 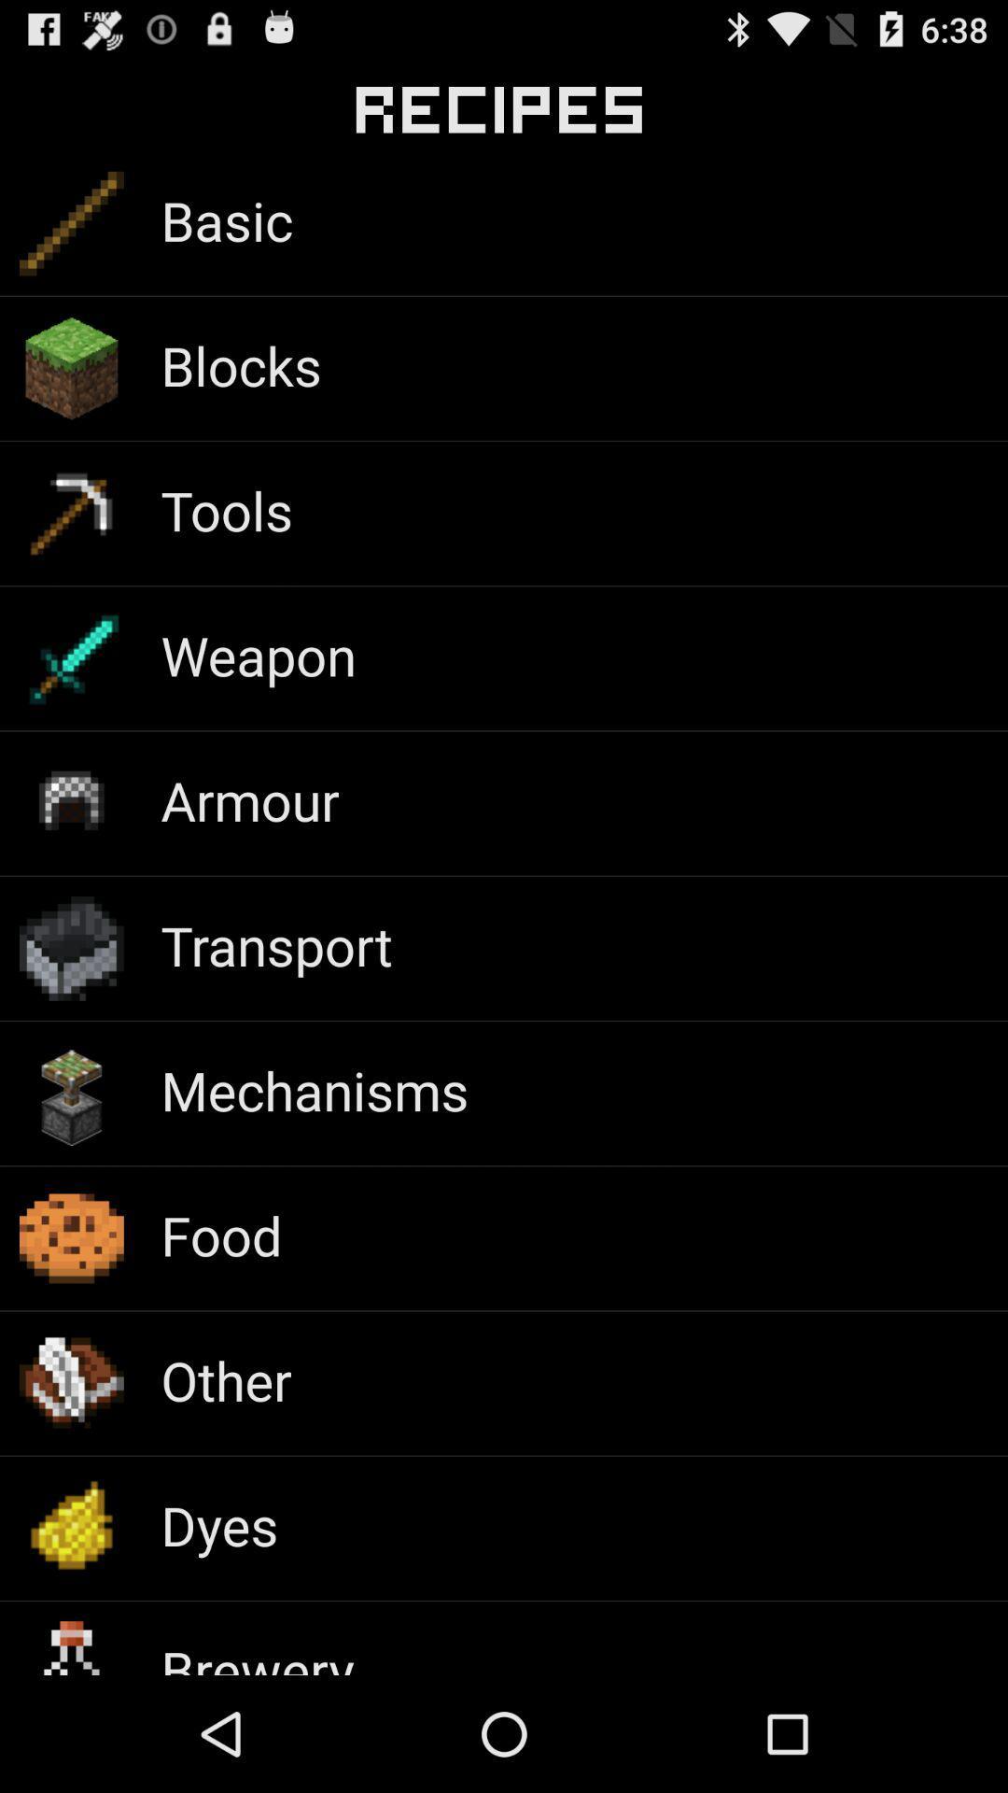 What do you see at coordinates (259, 655) in the screenshot?
I see `weapon item` at bounding box center [259, 655].